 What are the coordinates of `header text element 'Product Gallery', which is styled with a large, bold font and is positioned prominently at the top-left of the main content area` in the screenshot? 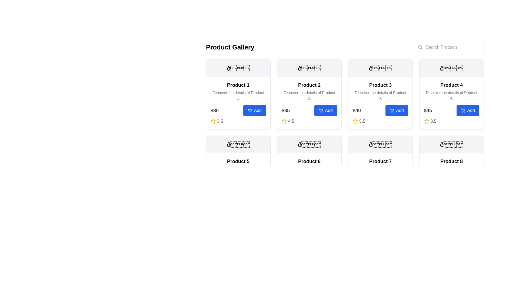 It's located at (230, 47).